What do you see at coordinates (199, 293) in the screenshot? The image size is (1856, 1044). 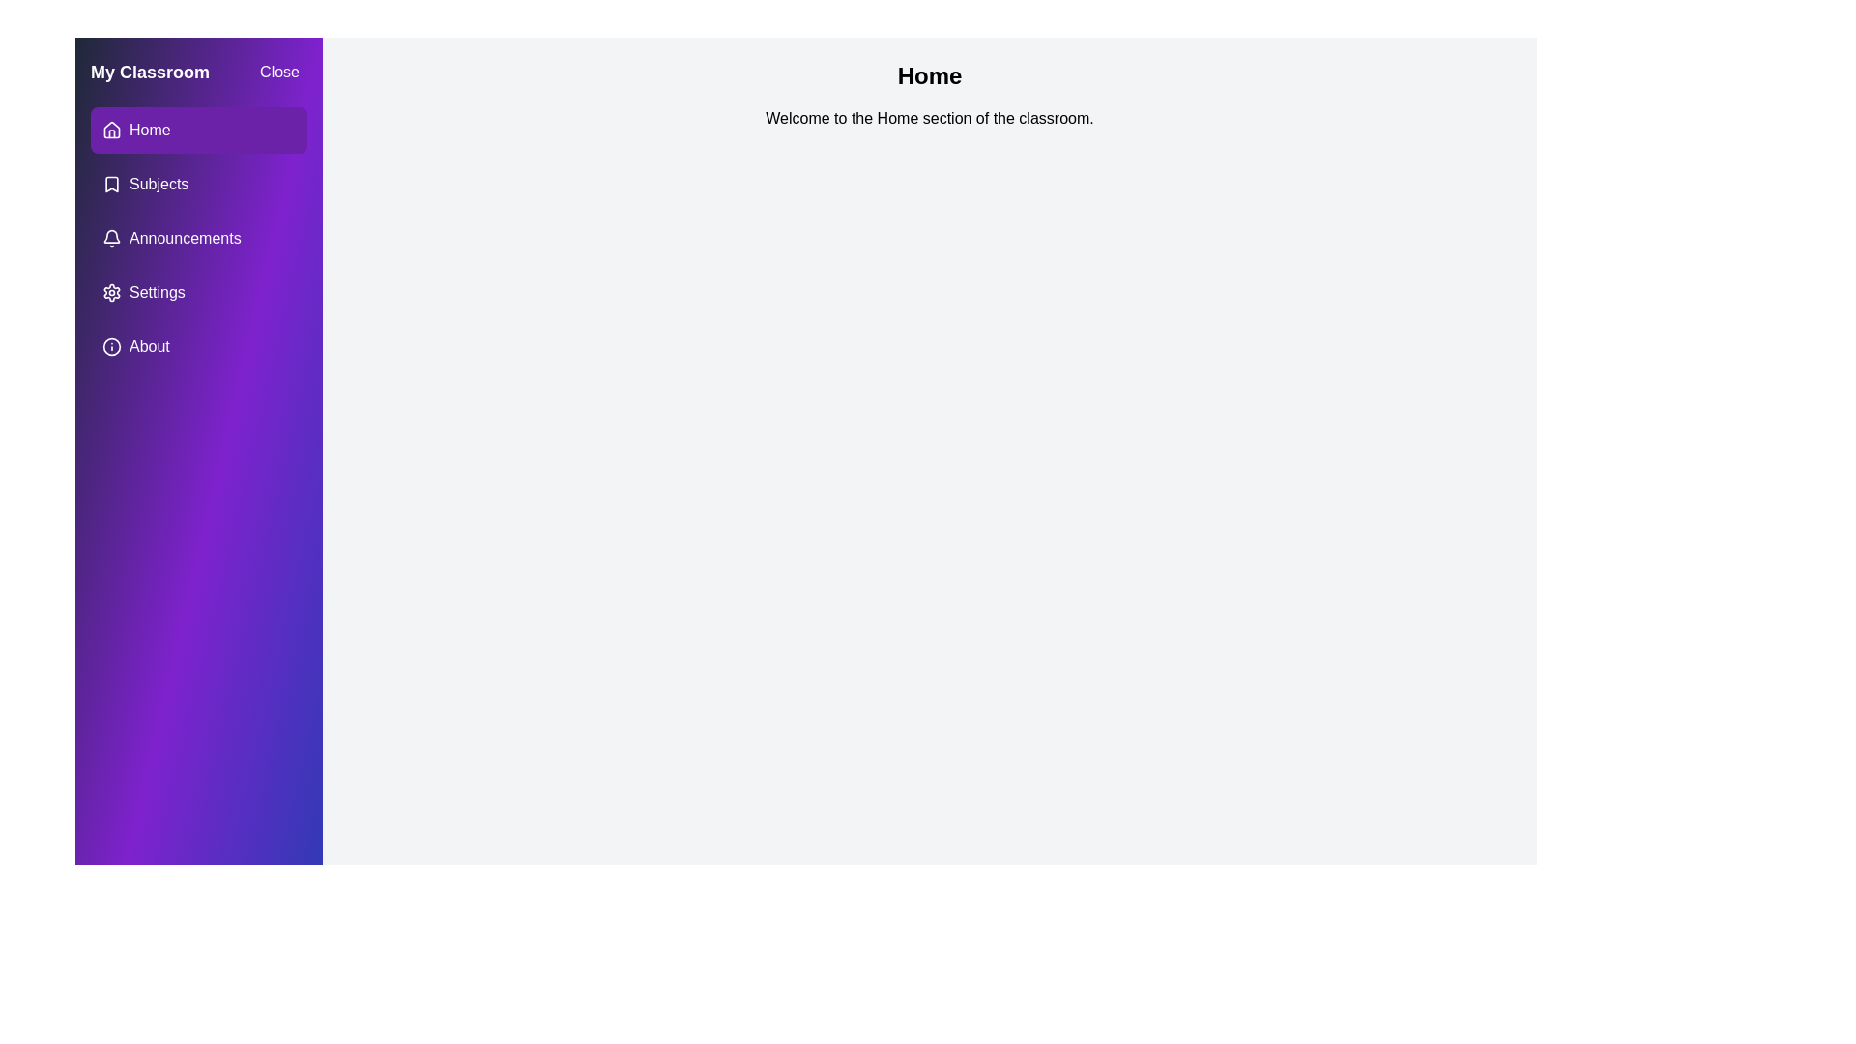 I see `the menu item labeled 'Settings' to observe visual feedback` at bounding box center [199, 293].